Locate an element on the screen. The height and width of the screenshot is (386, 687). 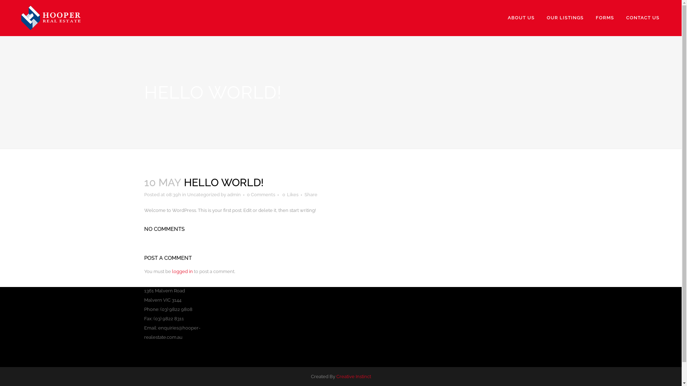
'OUR LISTINGS' is located at coordinates (541, 18).